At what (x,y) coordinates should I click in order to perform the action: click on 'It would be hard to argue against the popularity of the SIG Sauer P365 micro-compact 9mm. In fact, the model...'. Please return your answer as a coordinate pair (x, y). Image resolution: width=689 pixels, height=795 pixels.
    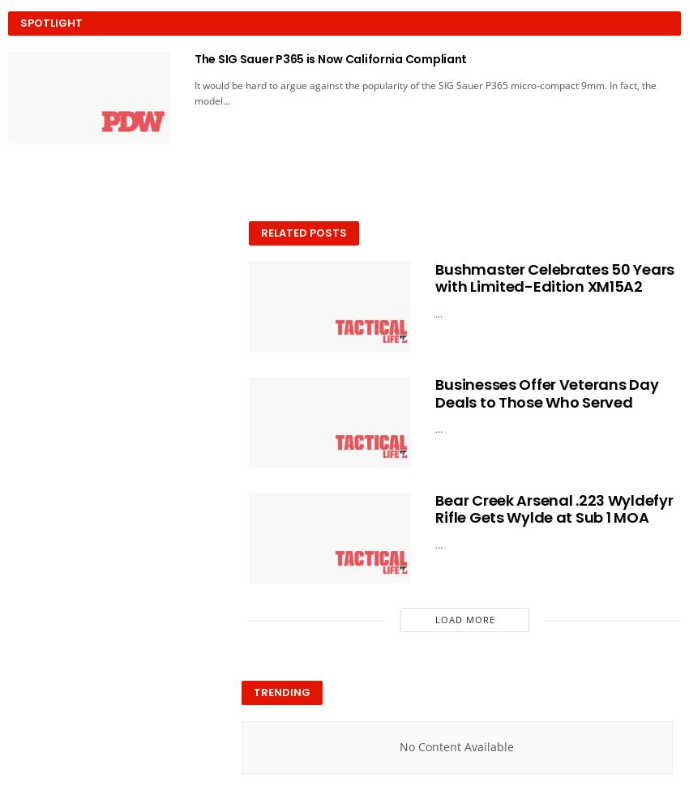
    Looking at the image, I should click on (424, 91).